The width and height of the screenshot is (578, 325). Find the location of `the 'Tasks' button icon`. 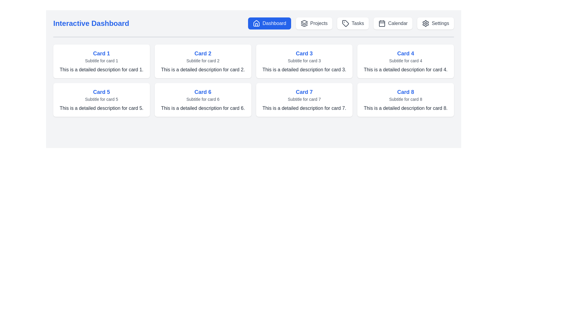

the 'Tasks' button icon is located at coordinates (346, 23).